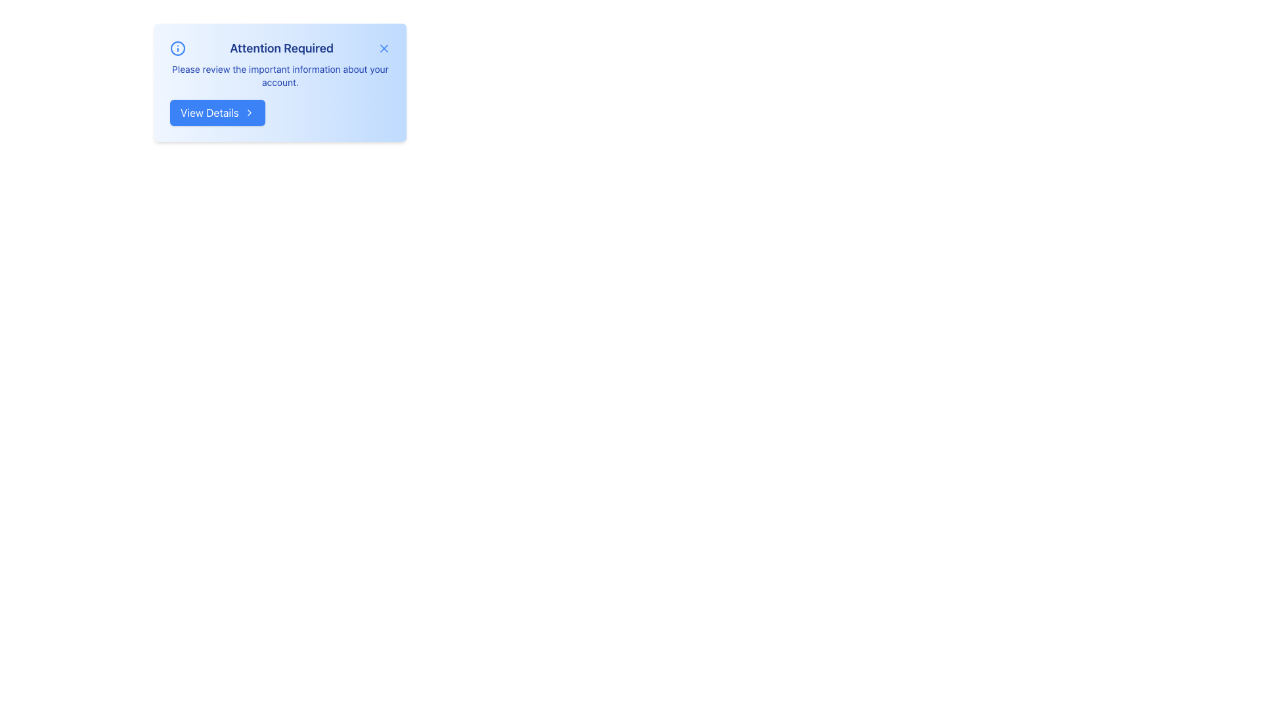 Image resolution: width=1261 pixels, height=709 pixels. What do you see at coordinates (177, 47) in the screenshot?
I see `the icon that indicates important information, located at the leftmost edge of the notification card next to the header text 'Attention Required'` at bounding box center [177, 47].